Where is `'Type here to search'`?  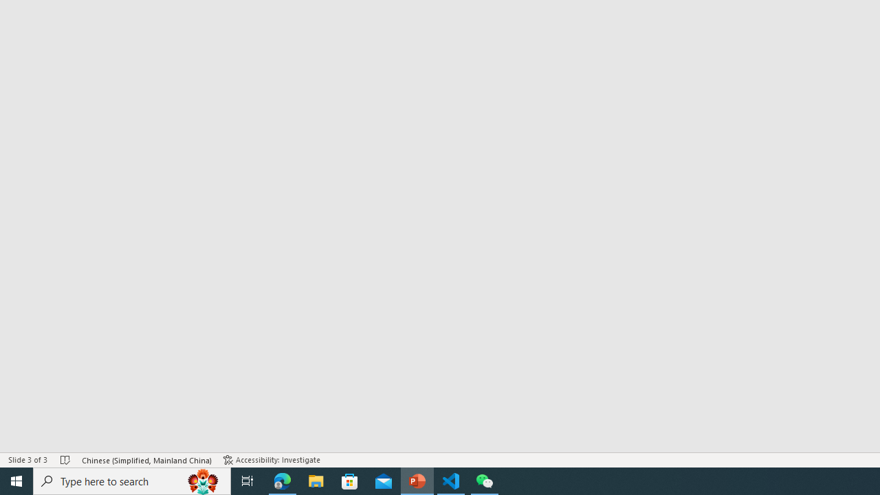 'Type here to search' is located at coordinates (132, 480).